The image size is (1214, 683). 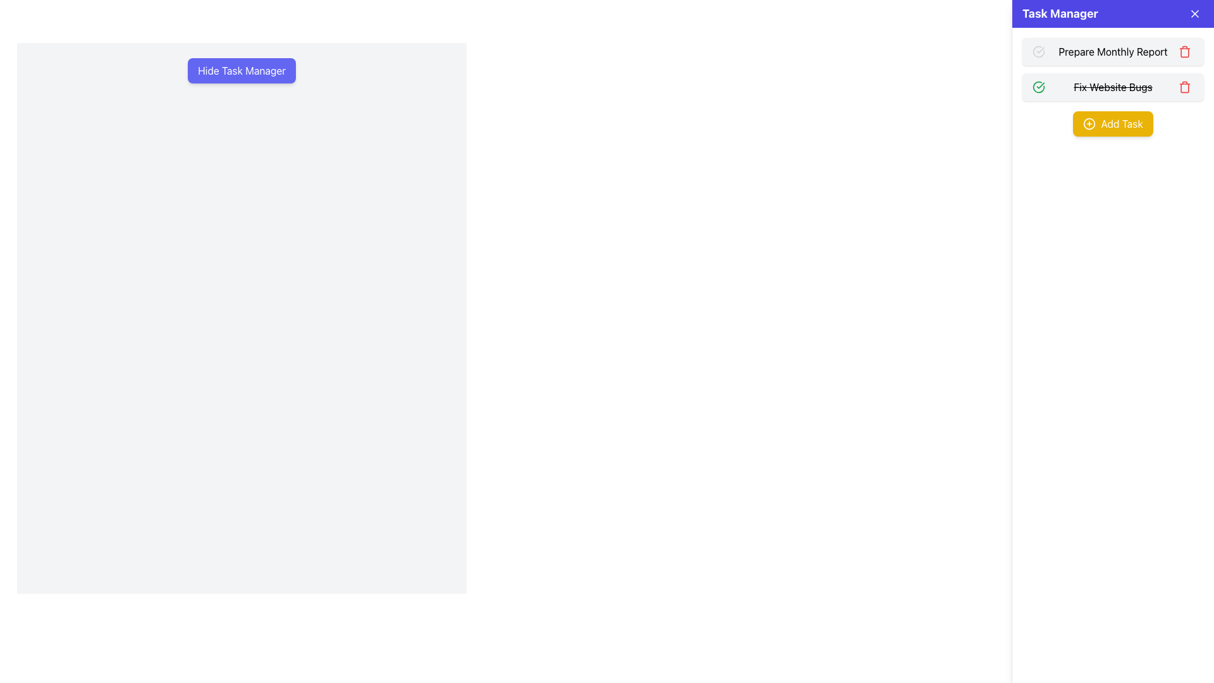 I want to click on the small red trash can button located on the right side of the 'Fix Website Bugs' task, so click(x=1184, y=87).